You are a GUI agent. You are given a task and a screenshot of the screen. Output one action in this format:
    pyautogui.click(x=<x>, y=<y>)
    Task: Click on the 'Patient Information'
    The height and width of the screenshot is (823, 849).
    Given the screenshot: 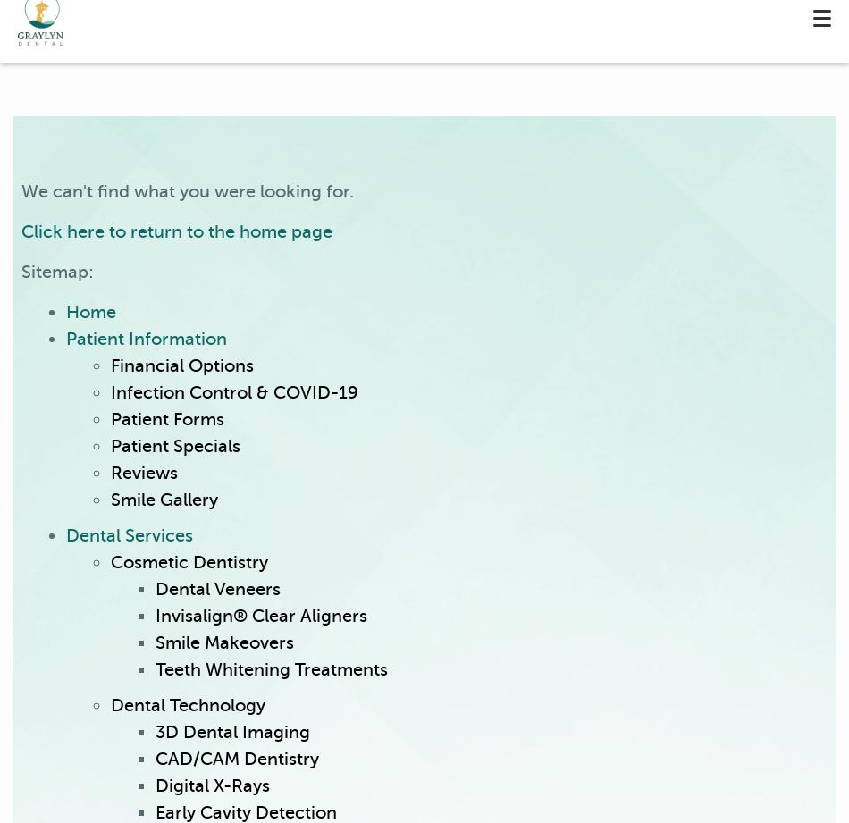 What is the action you would take?
    pyautogui.click(x=146, y=339)
    